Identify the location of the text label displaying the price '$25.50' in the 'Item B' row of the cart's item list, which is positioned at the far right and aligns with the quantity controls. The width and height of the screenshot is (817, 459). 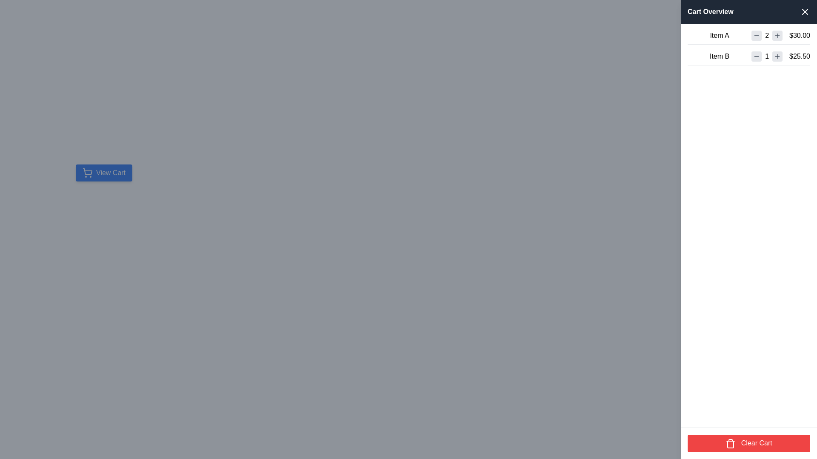
(799, 56).